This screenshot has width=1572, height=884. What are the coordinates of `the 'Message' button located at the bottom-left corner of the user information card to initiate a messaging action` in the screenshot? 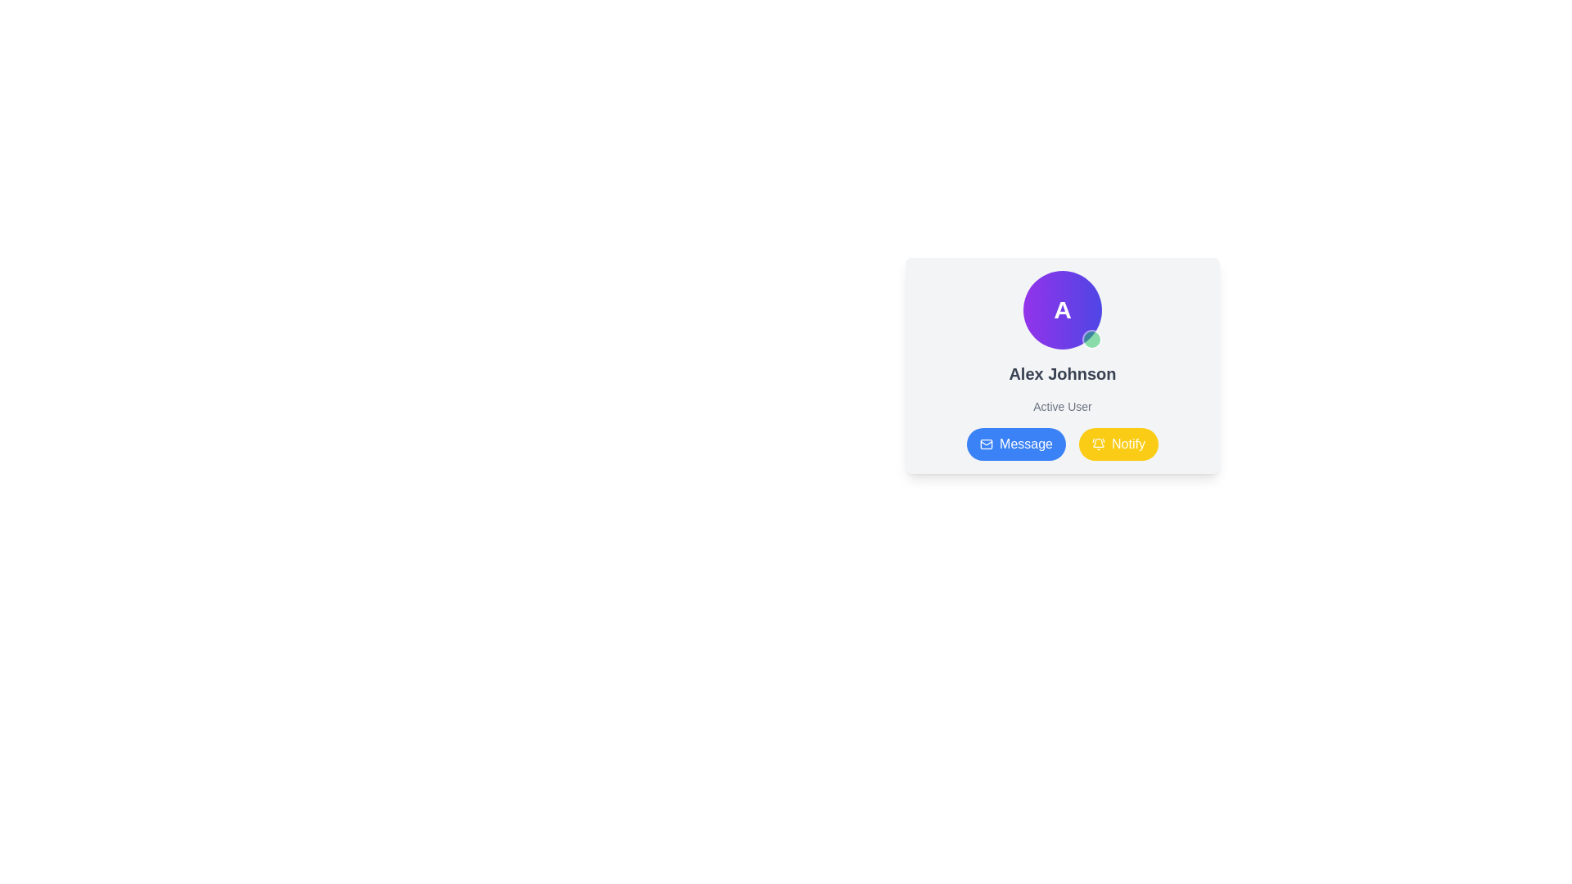 It's located at (985, 444).